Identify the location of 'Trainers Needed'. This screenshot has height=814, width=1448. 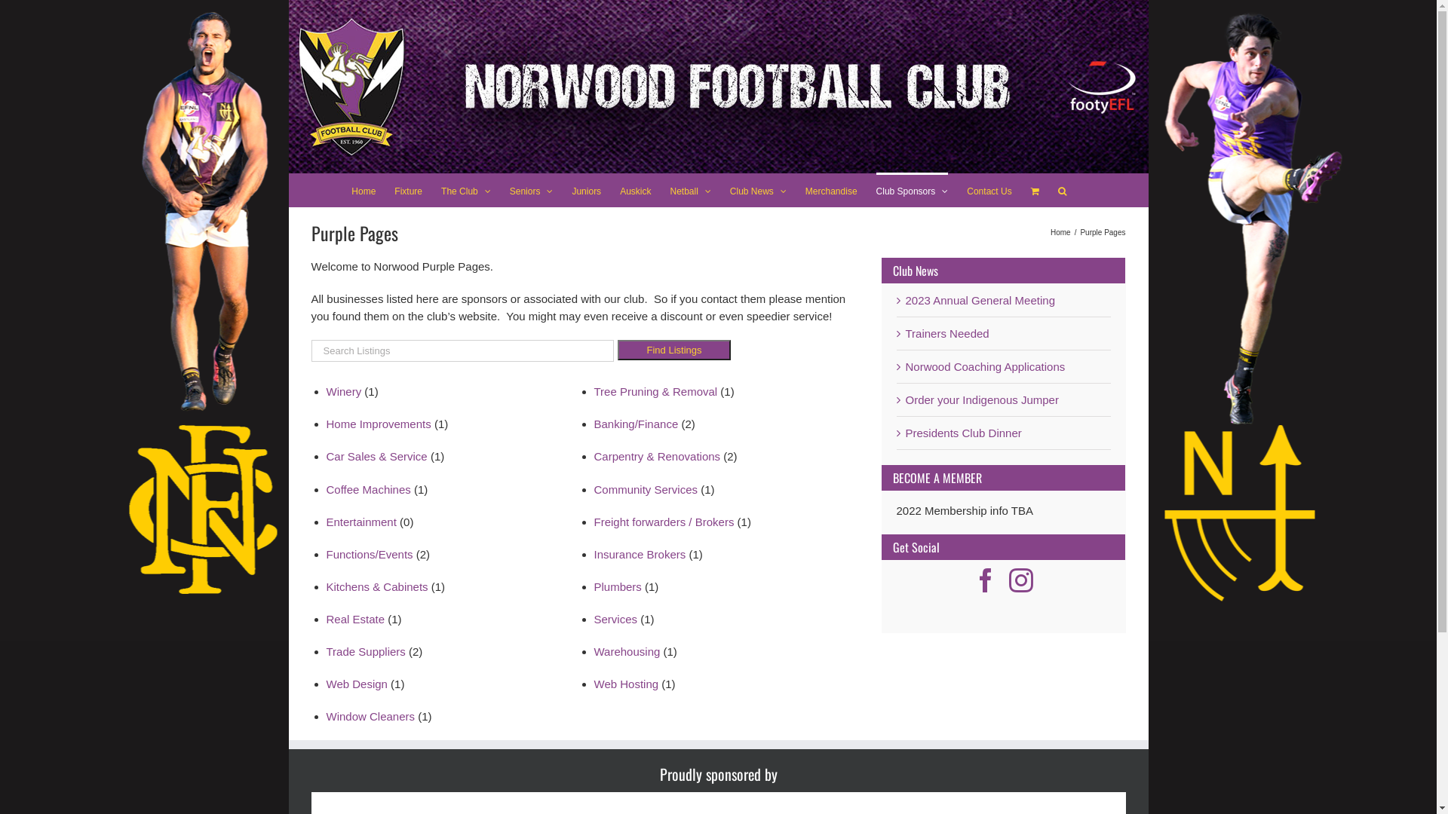
(946, 332).